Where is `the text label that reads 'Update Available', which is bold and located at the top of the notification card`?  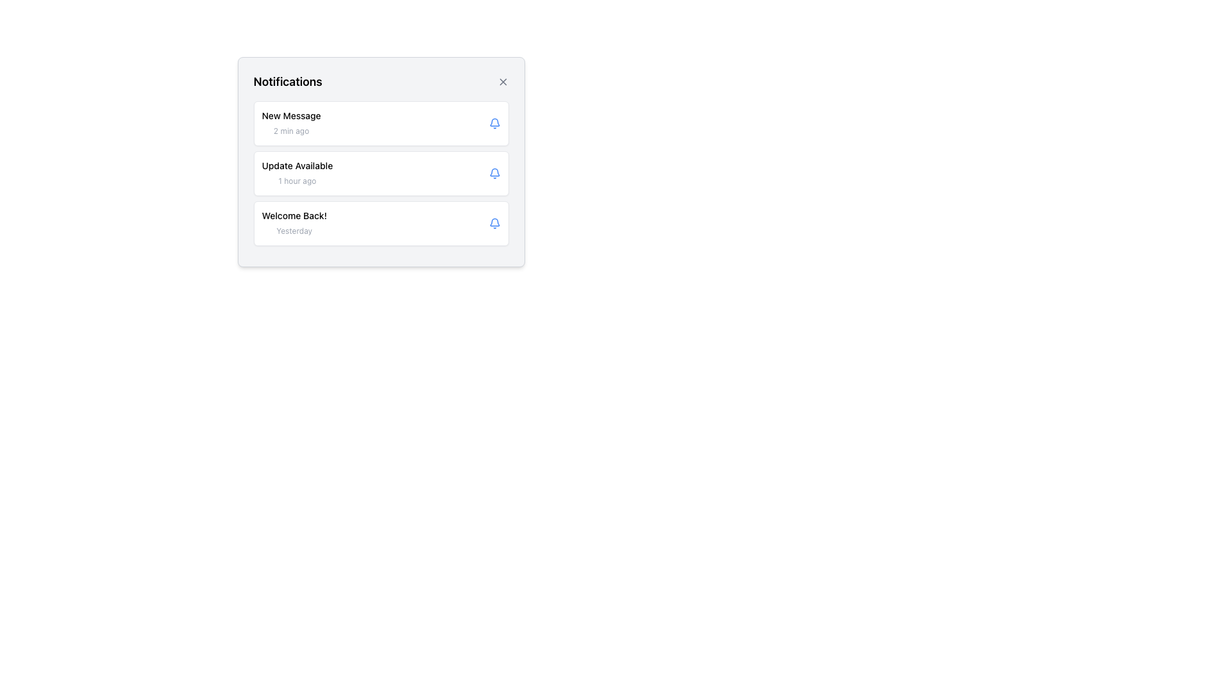 the text label that reads 'Update Available', which is bold and located at the top of the notification card is located at coordinates (296, 165).